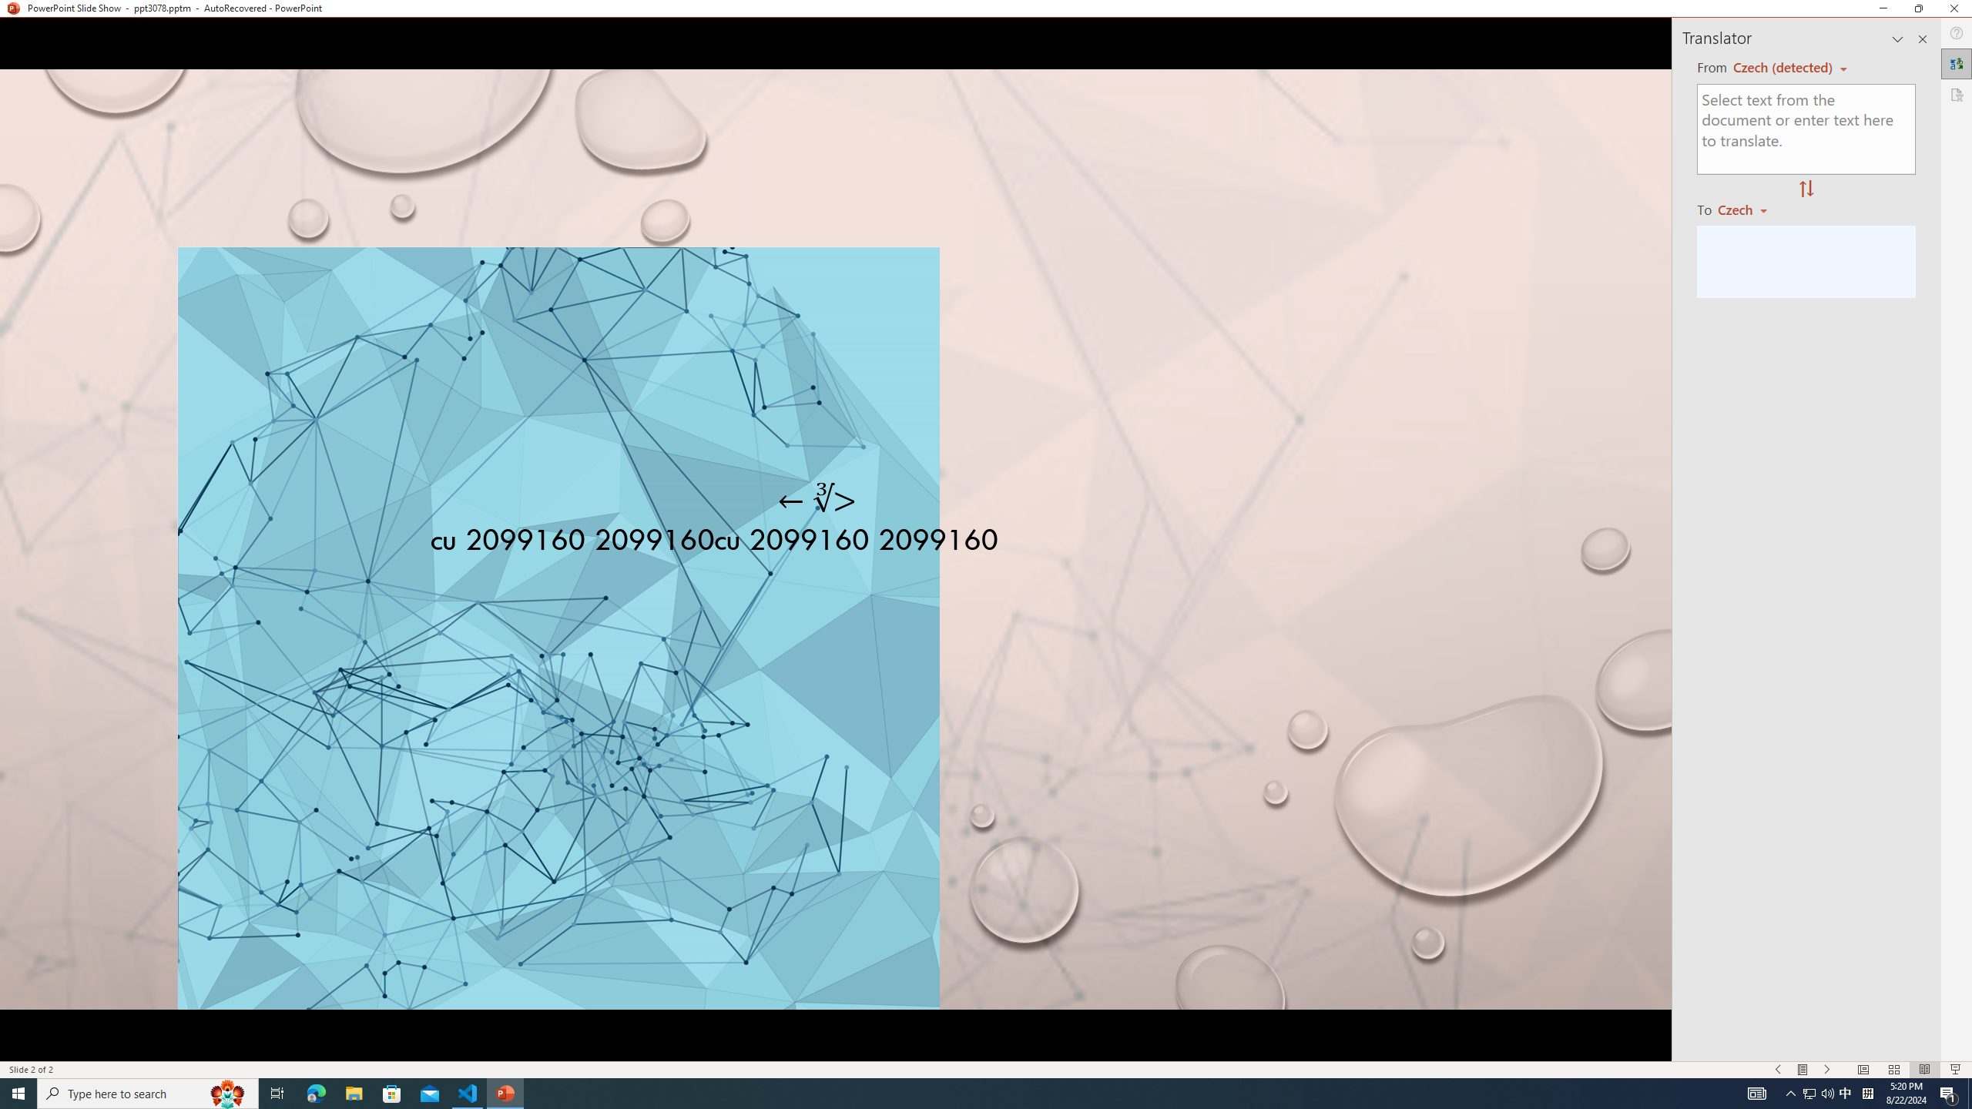 The height and width of the screenshot is (1109, 1972). I want to click on 'Help', so click(1956, 32).